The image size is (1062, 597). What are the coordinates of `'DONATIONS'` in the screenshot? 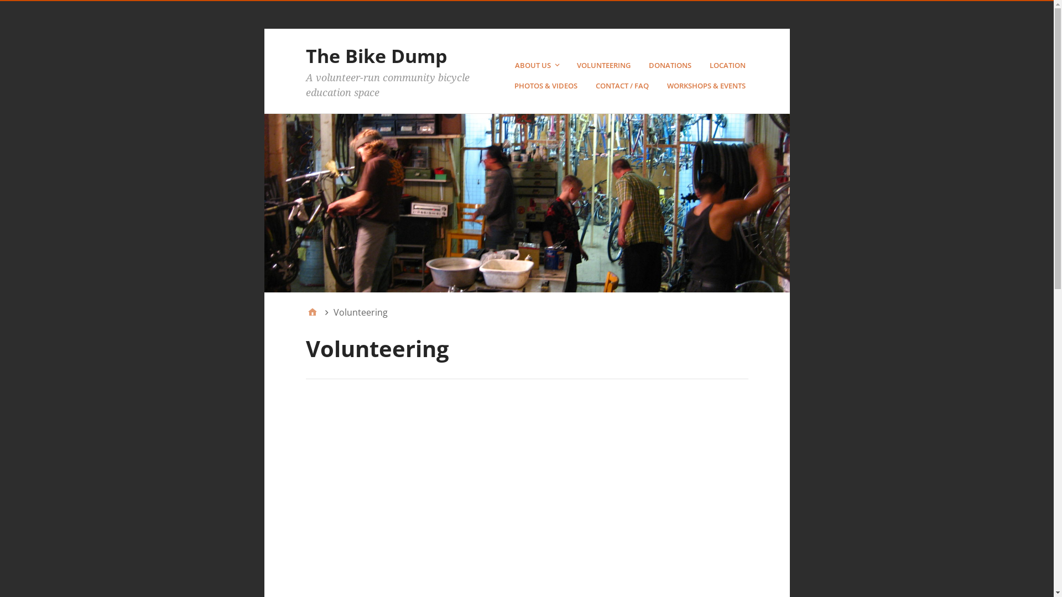 It's located at (670, 65).